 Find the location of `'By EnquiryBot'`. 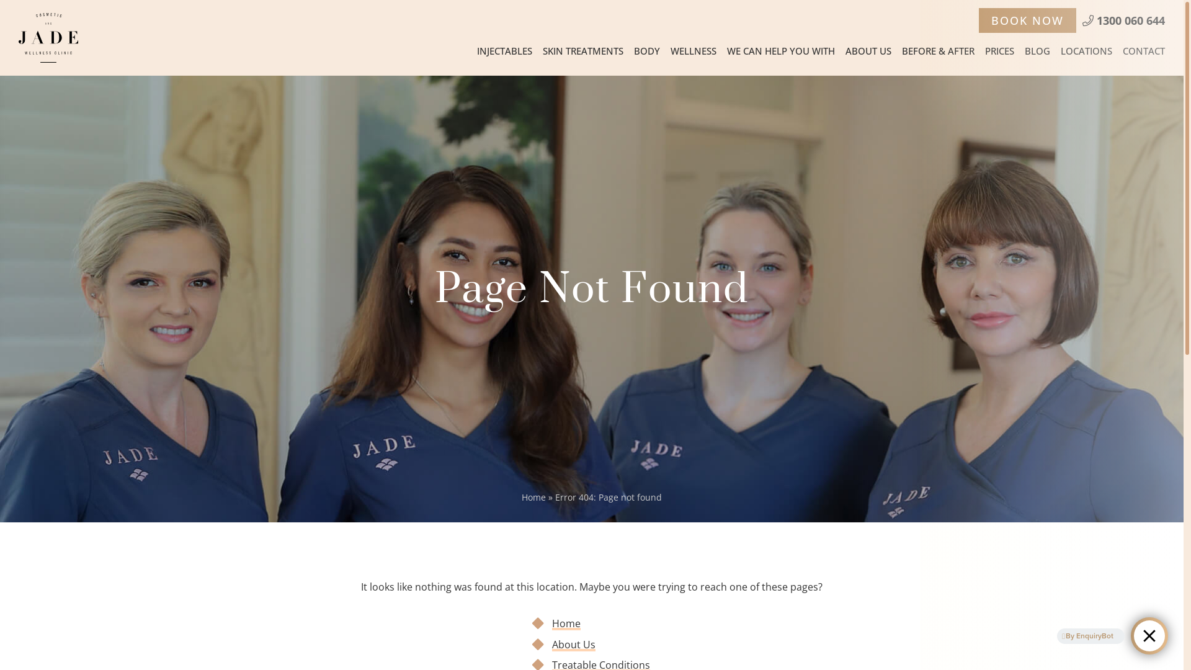

'By EnquiryBot' is located at coordinates (1087, 636).